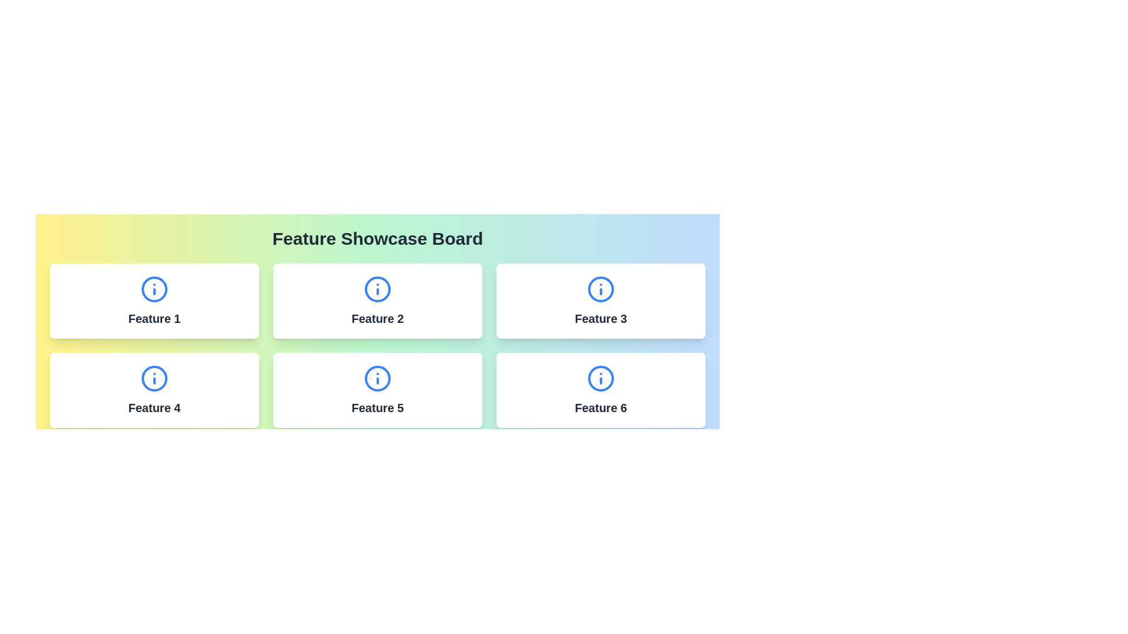  Describe the element at coordinates (154, 407) in the screenshot. I see `text from the label that reads 'Feature 4', which is styled in bold and extra-large font in dark gray color, located in the first column of the second row of the feature grid` at that location.